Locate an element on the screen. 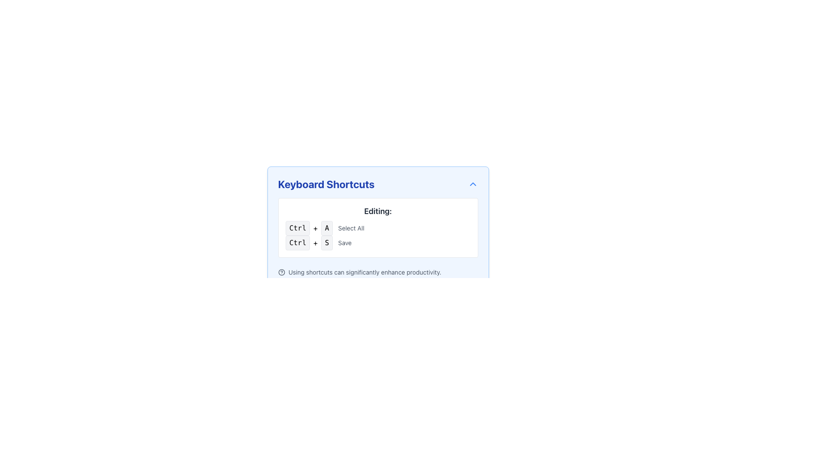  the 'S' keyboard key label which is part of the keyboard shortcut 'Ctrl + S' for saving, located in the 'Keyboard Shortcuts' section is located at coordinates (326, 243).